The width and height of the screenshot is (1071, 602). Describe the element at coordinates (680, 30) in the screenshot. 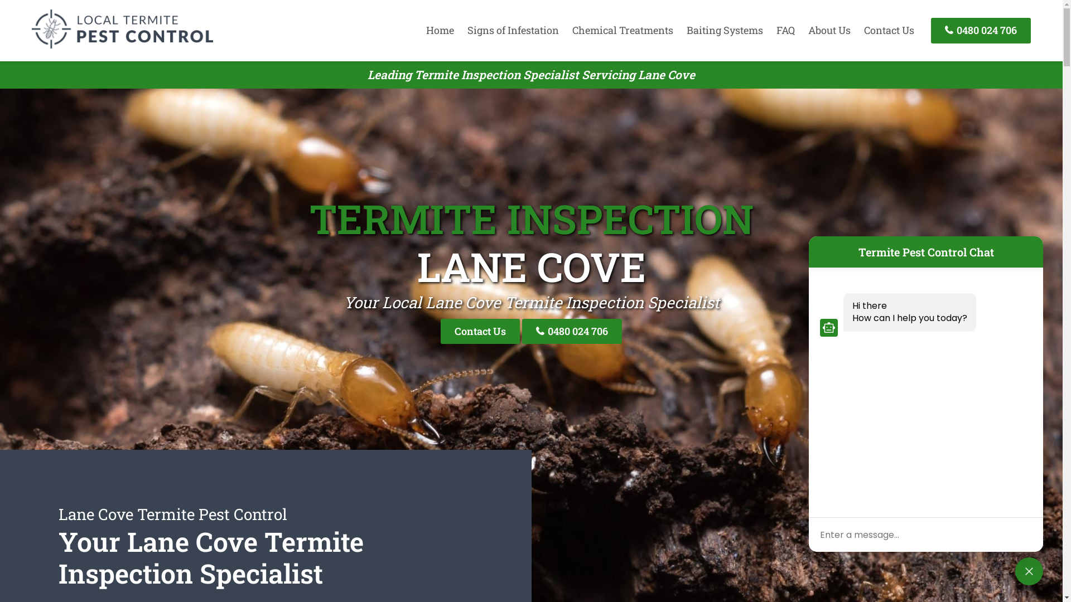

I see `'Baiting Systems'` at that location.